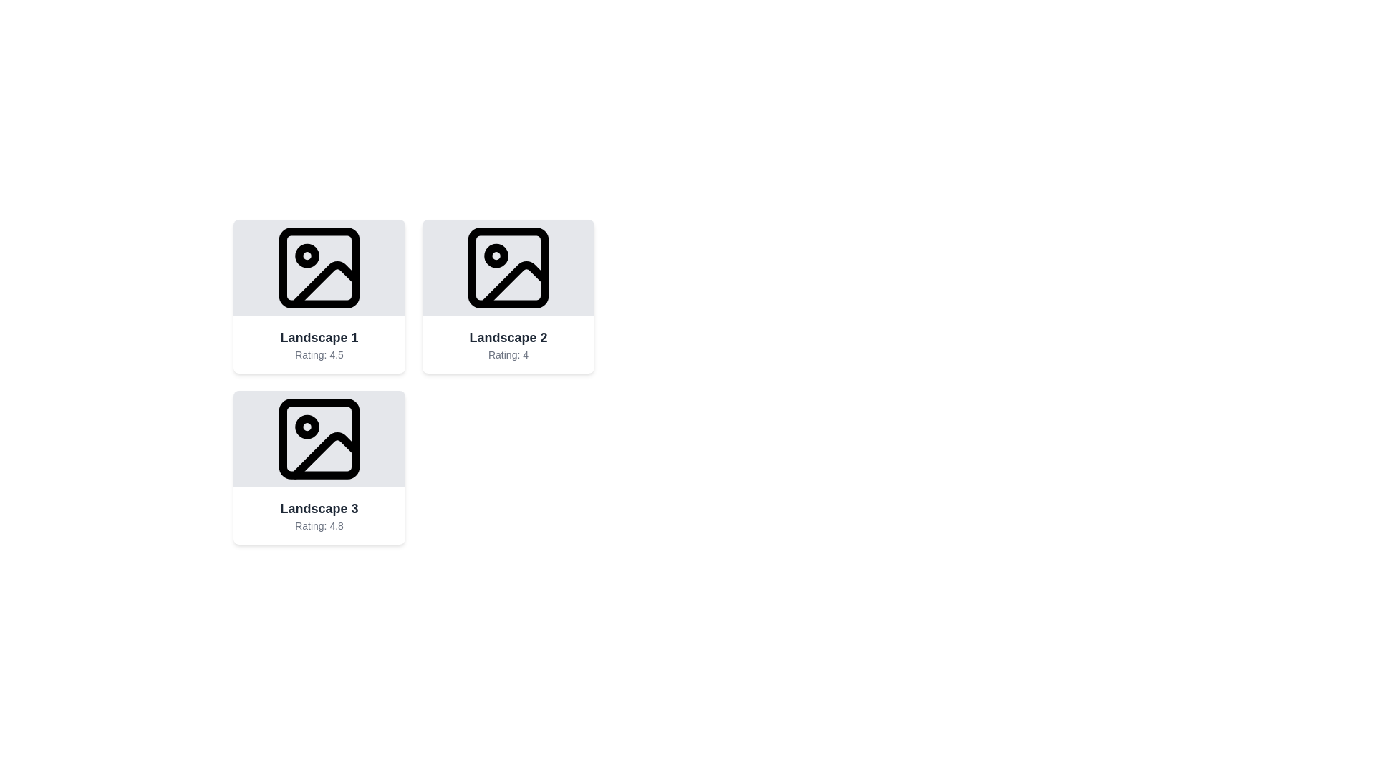  What do you see at coordinates (319, 526) in the screenshot?
I see `the text label displaying 'Rating: 4.8', which is styled in gray and positioned below the title 'Landscape 3' within its information card` at bounding box center [319, 526].